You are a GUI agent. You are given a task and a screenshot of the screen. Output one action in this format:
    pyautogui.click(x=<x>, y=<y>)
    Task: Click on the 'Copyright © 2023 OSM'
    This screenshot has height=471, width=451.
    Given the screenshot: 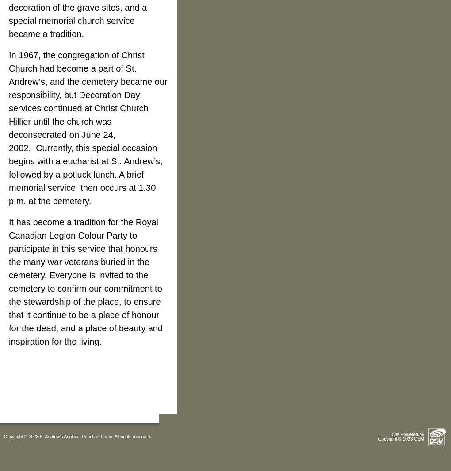 What is the action you would take?
    pyautogui.click(x=401, y=439)
    